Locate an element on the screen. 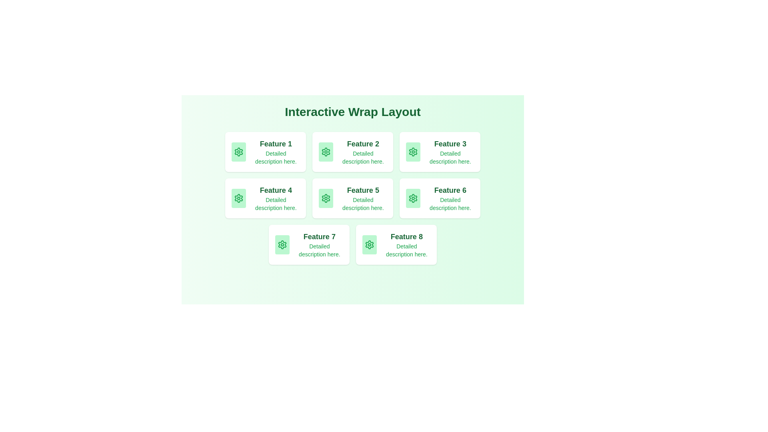 The width and height of the screenshot is (768, 432). the Text Display Block that displays 'Feature 5' with the description 'Detailed description here.' located in the middle of the second row of the grid layout is located at coordinates (362, 198).